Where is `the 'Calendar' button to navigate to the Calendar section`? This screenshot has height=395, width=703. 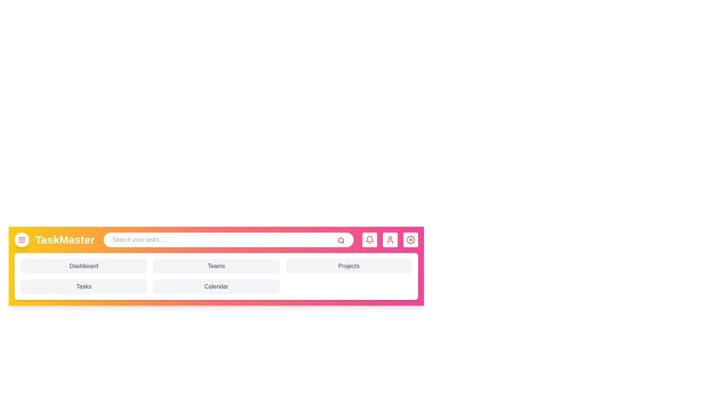
the 'Calendar' button to navigate to the Calendar section is located at coordinates (216, 286).